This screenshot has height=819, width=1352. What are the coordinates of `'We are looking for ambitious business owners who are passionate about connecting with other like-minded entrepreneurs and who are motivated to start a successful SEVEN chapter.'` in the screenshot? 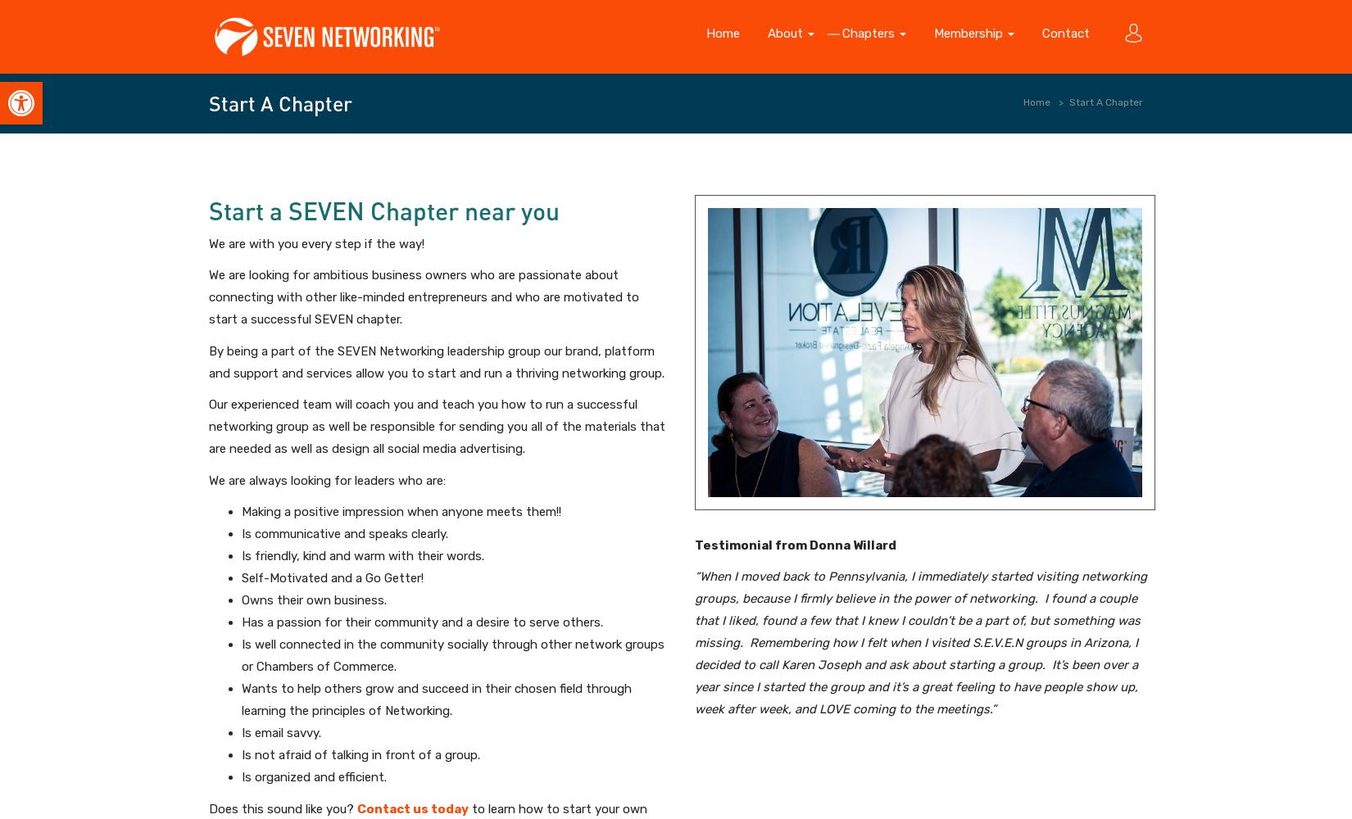 It's located at (208, 296).